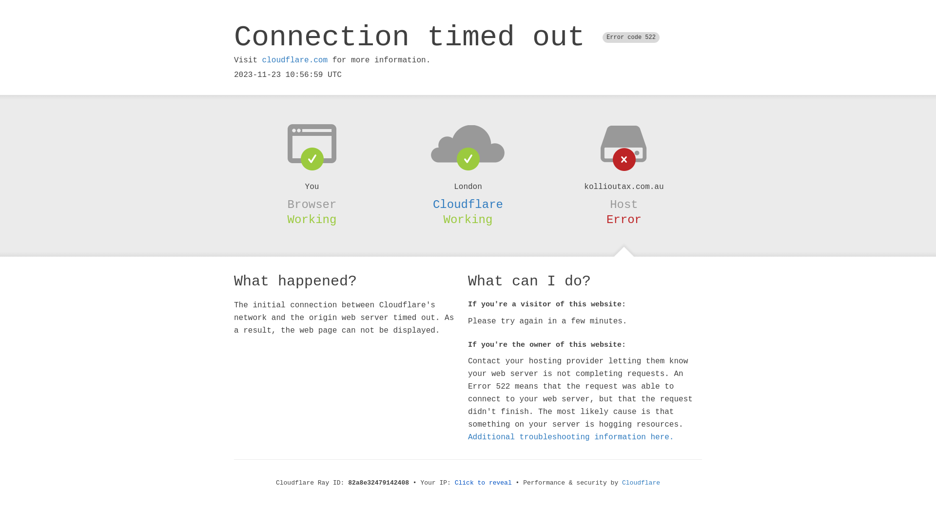 Image resolution: width=936 pixels, height=526 pixels. I want to click on 'Additional troubleshooting information here.', so click(571, 437).